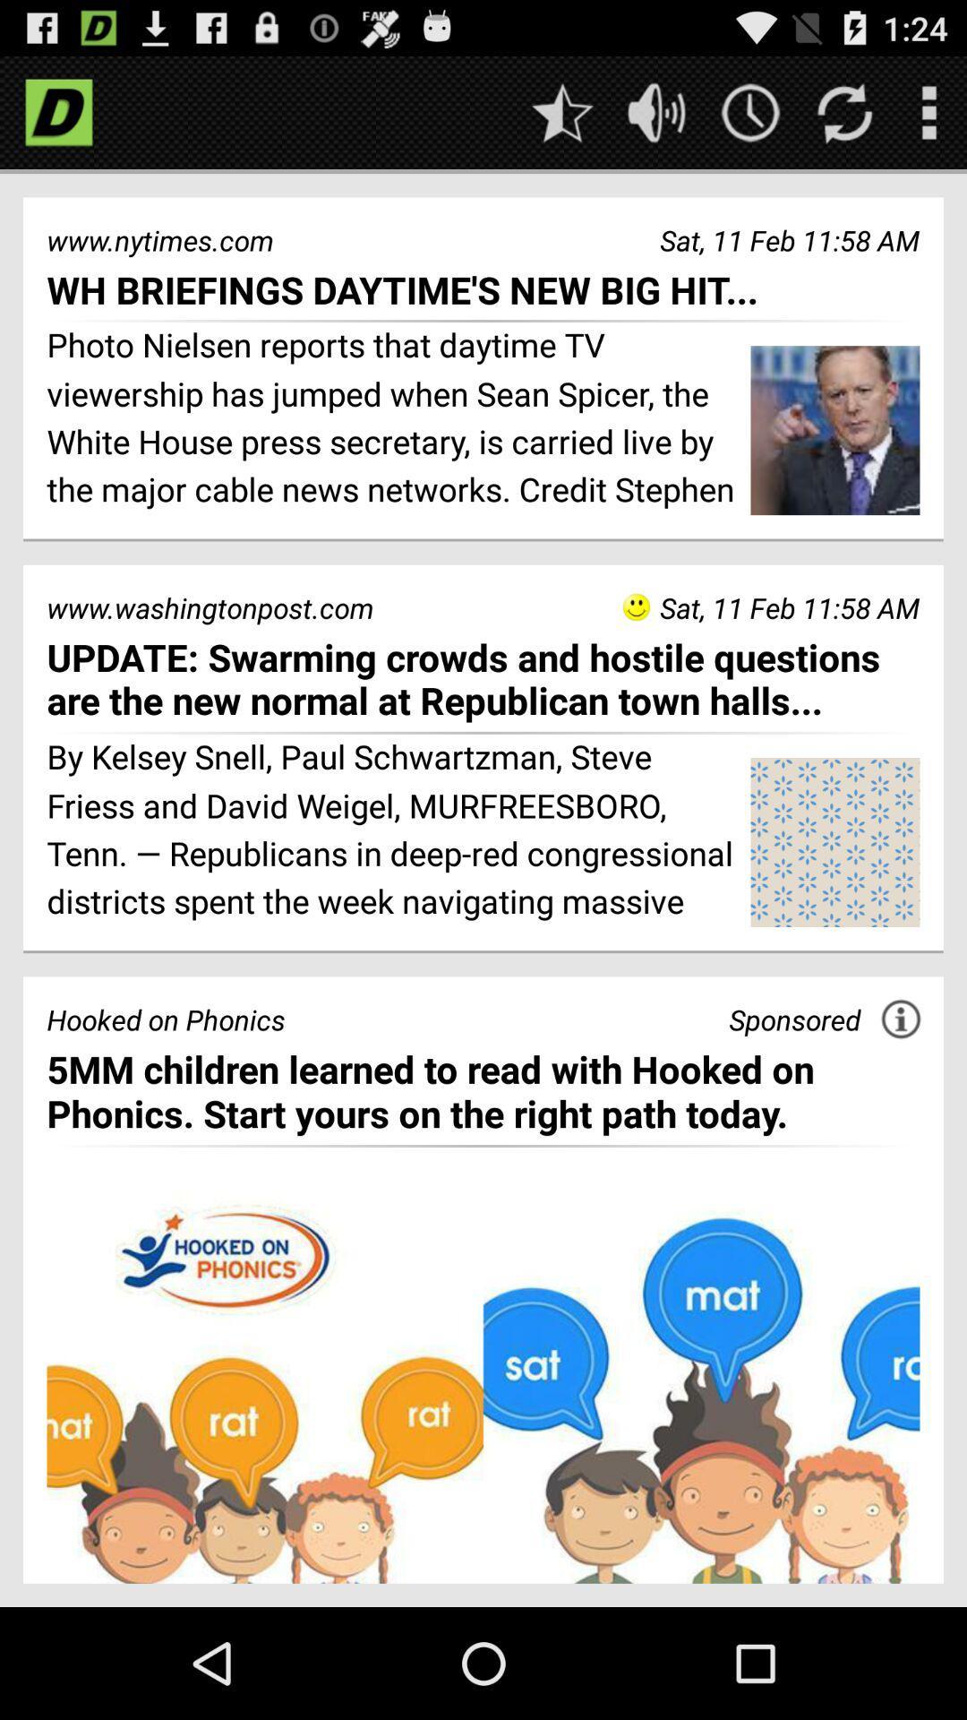 Image resolution: width=967 pixels, height=1720 pixels. I want to click on display advertiser information, so click(901, 1019).